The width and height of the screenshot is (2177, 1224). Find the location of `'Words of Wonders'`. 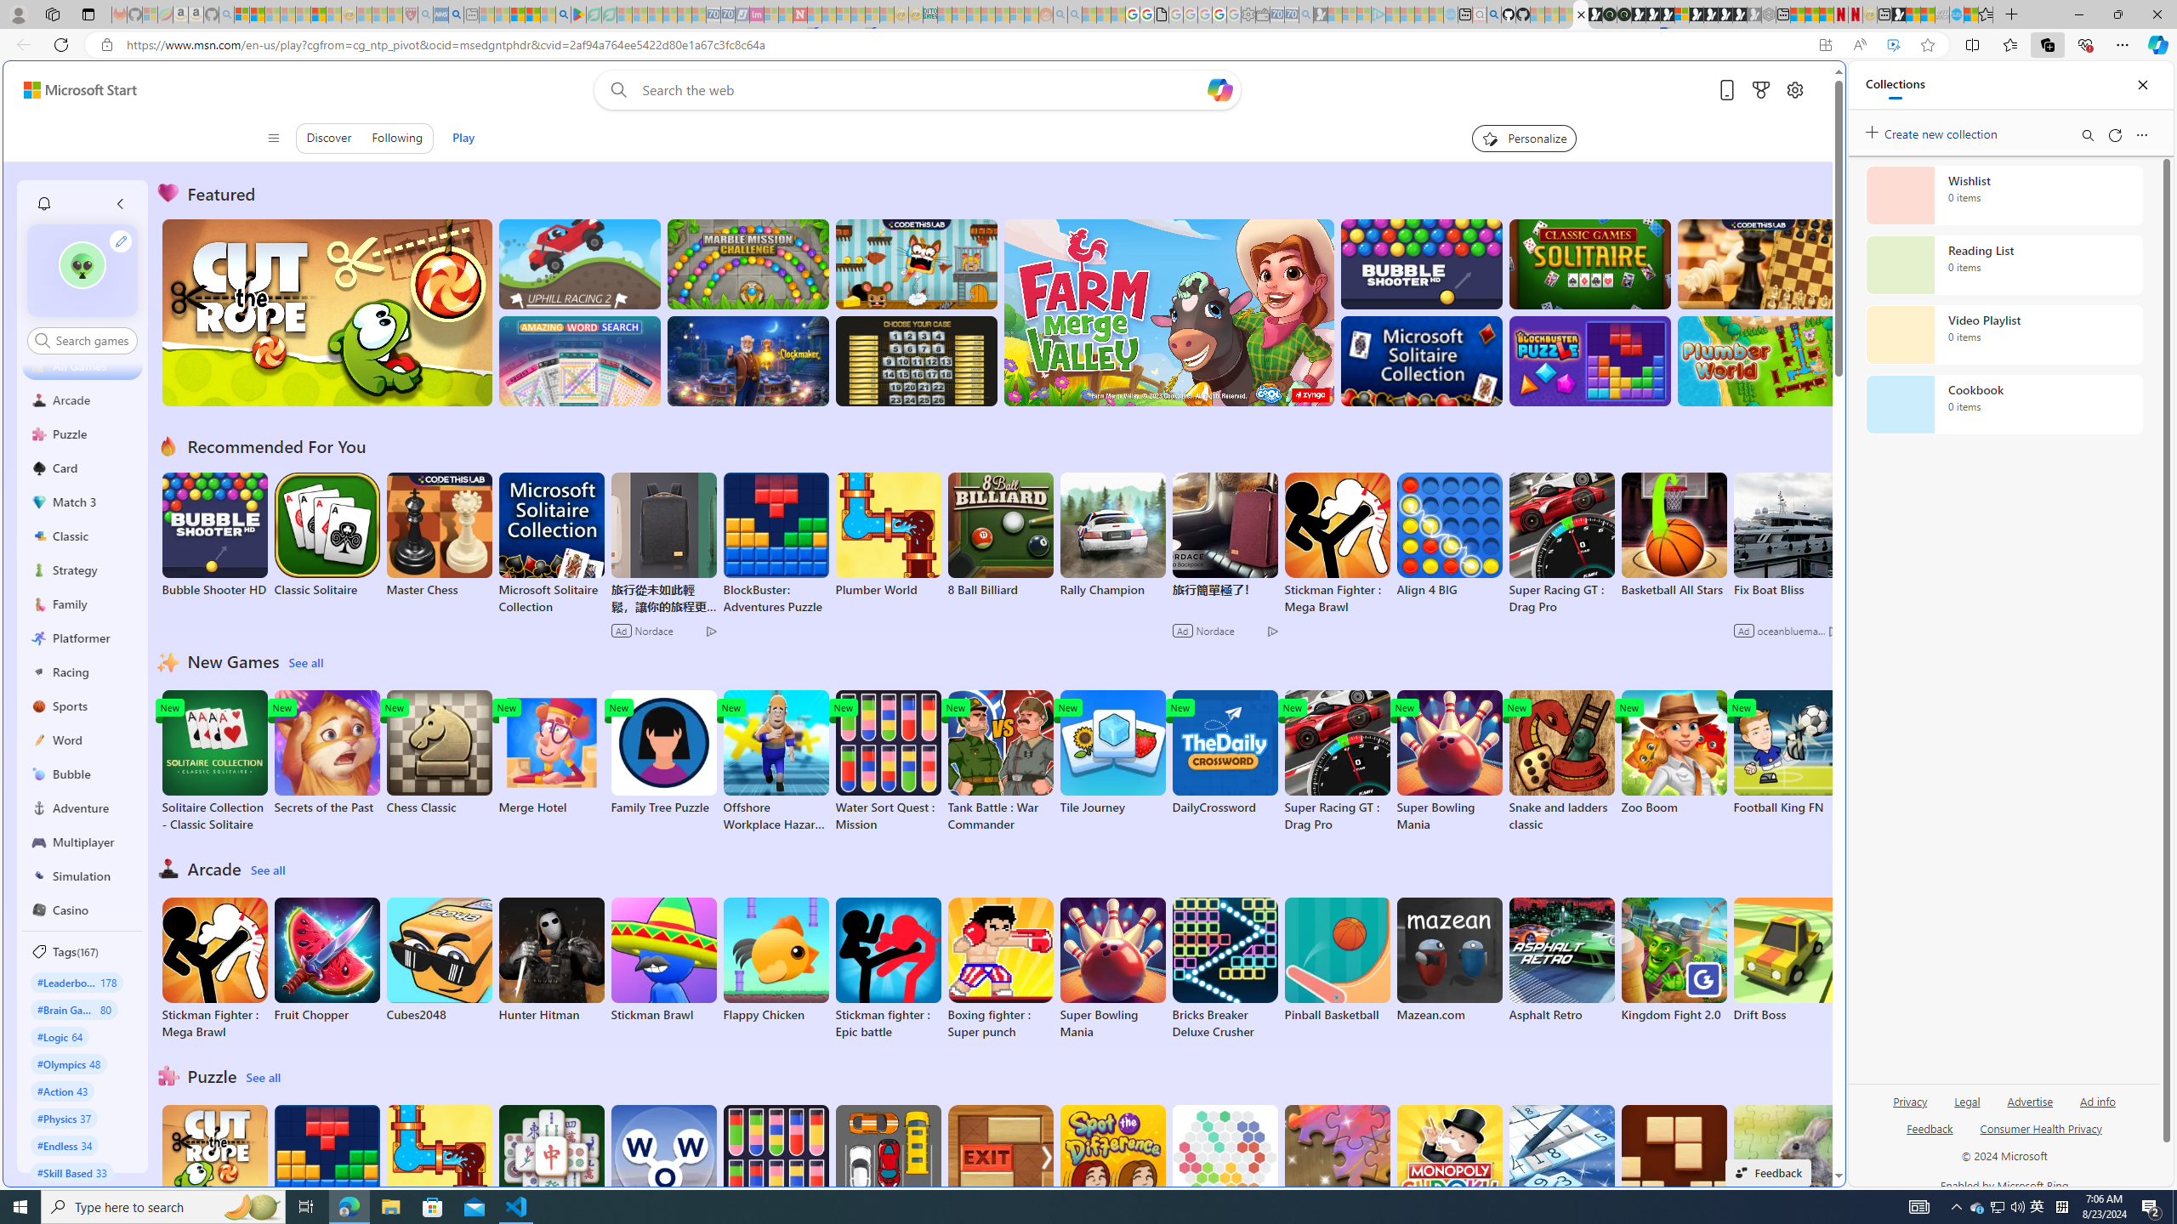

'Words of Wonders' is located at coordinates (662, 1168).